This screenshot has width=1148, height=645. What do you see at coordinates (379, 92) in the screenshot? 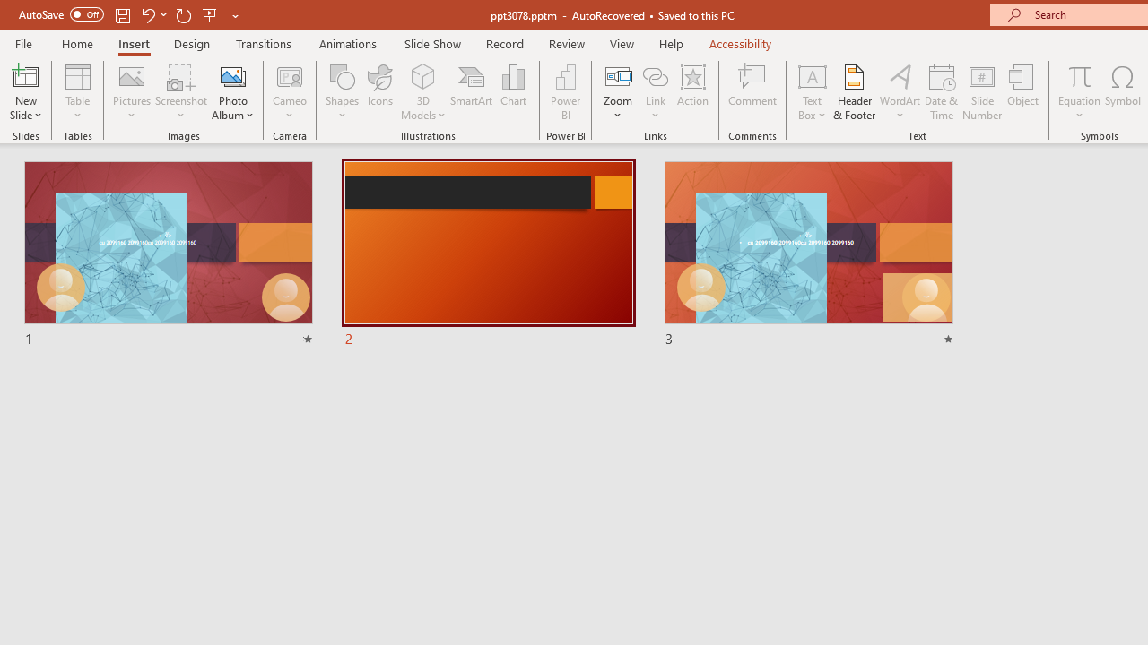
I see `'Icons'` at bounding box center [379, 92].